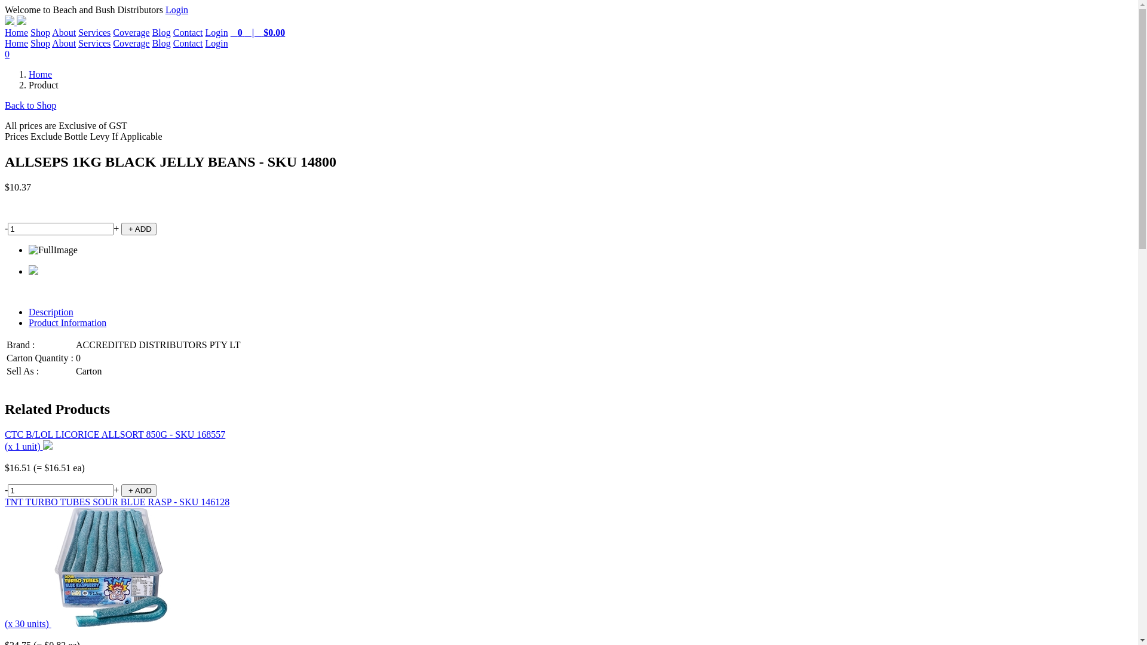 The height and width of the screenshot is (645, 1147). What do you see at coordinates (117, 563) in the screenshot?
I see `'TNT TURBO TUBES SOUR BLUE RASP - SKU 146128` at bounding box center [117, 563].